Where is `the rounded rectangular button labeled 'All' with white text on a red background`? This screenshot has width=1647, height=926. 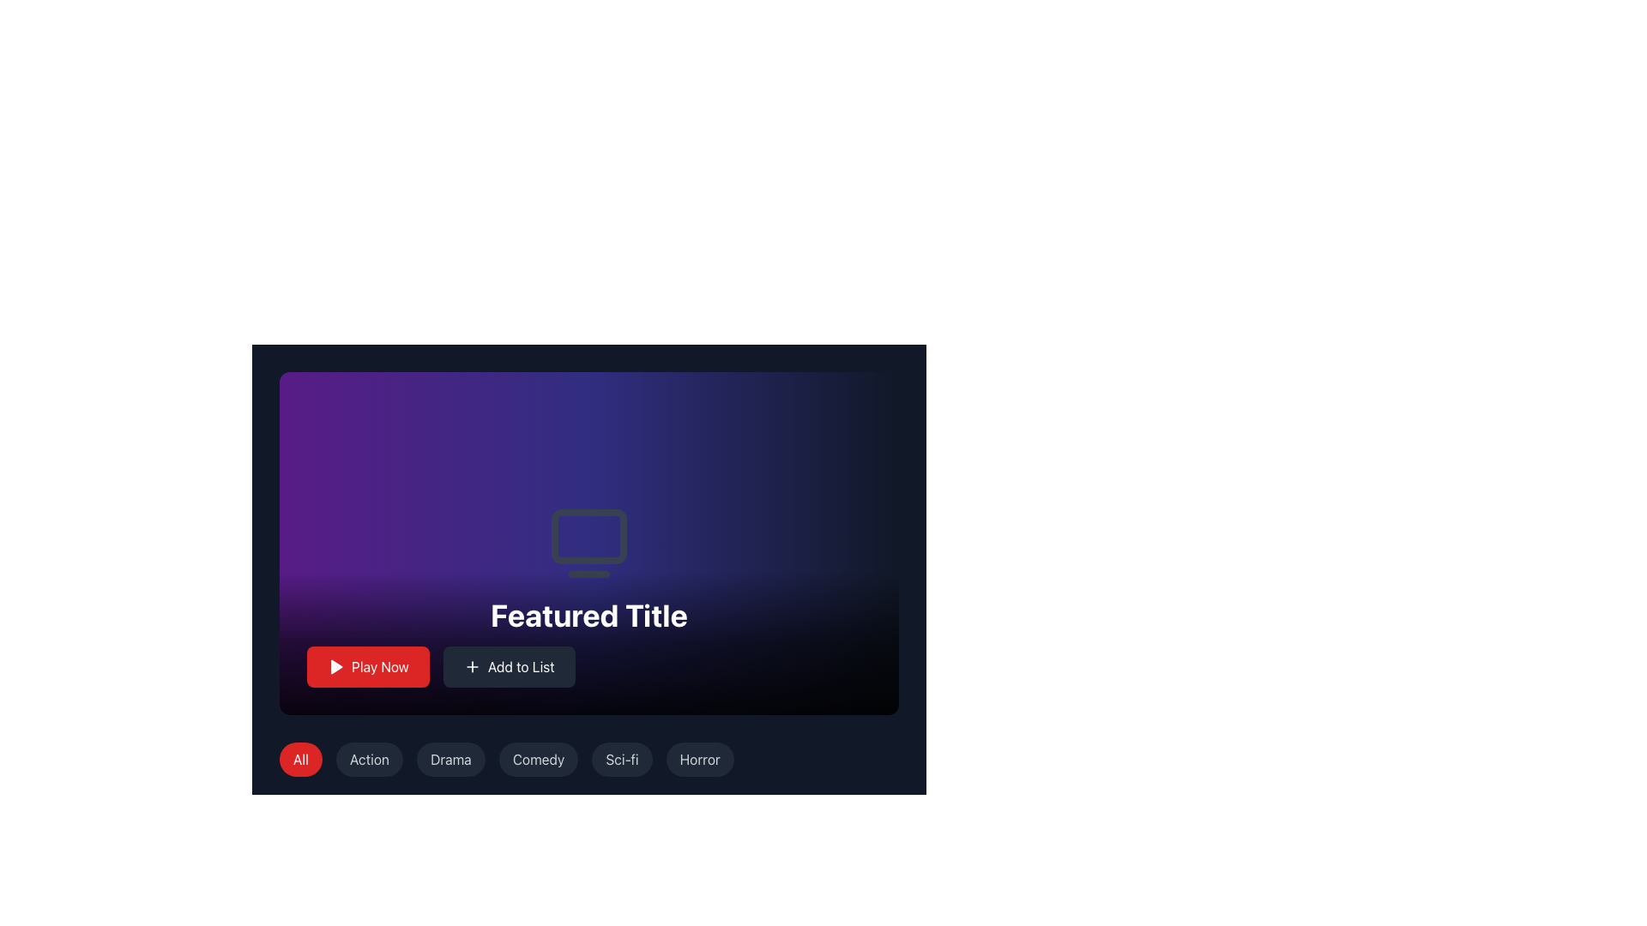
the rounded rectangular button labeled 'All' with white text on a red background is located at coordinates (300, 759).